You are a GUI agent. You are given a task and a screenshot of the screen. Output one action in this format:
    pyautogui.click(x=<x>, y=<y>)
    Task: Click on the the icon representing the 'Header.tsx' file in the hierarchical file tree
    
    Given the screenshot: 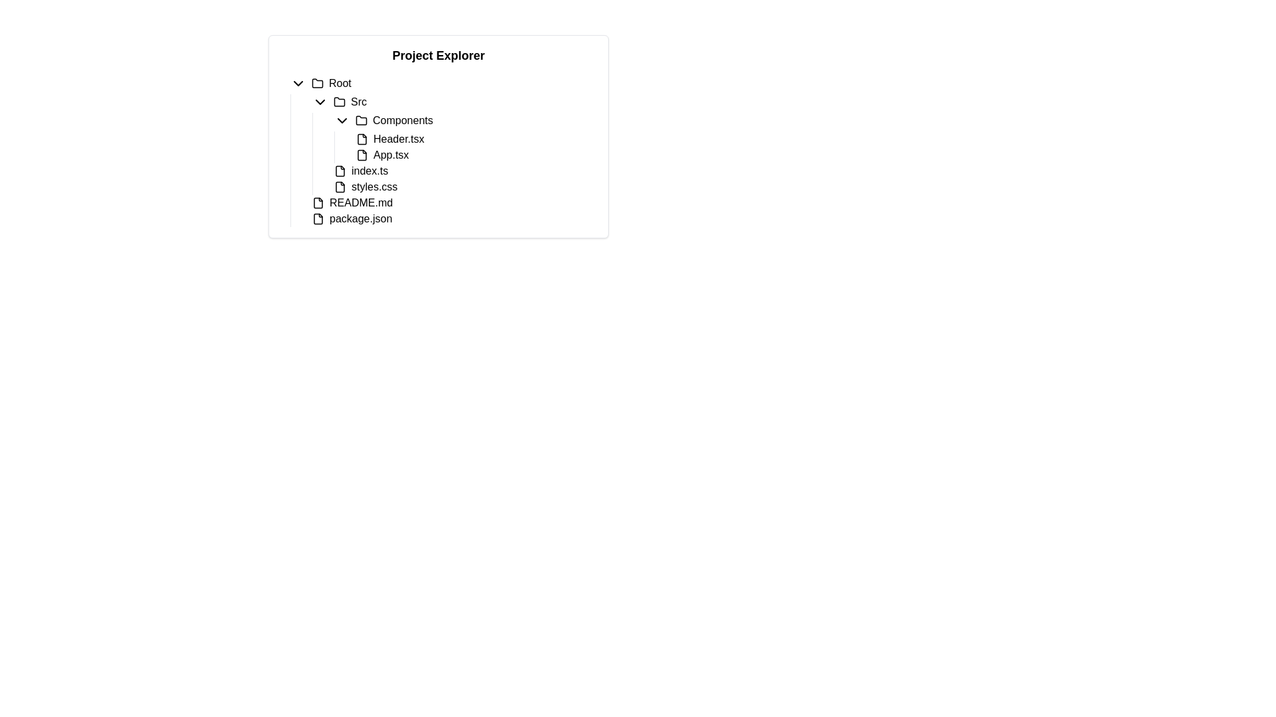 What is the action you would take?
    pyautogui.click(x=362, y=139)
    